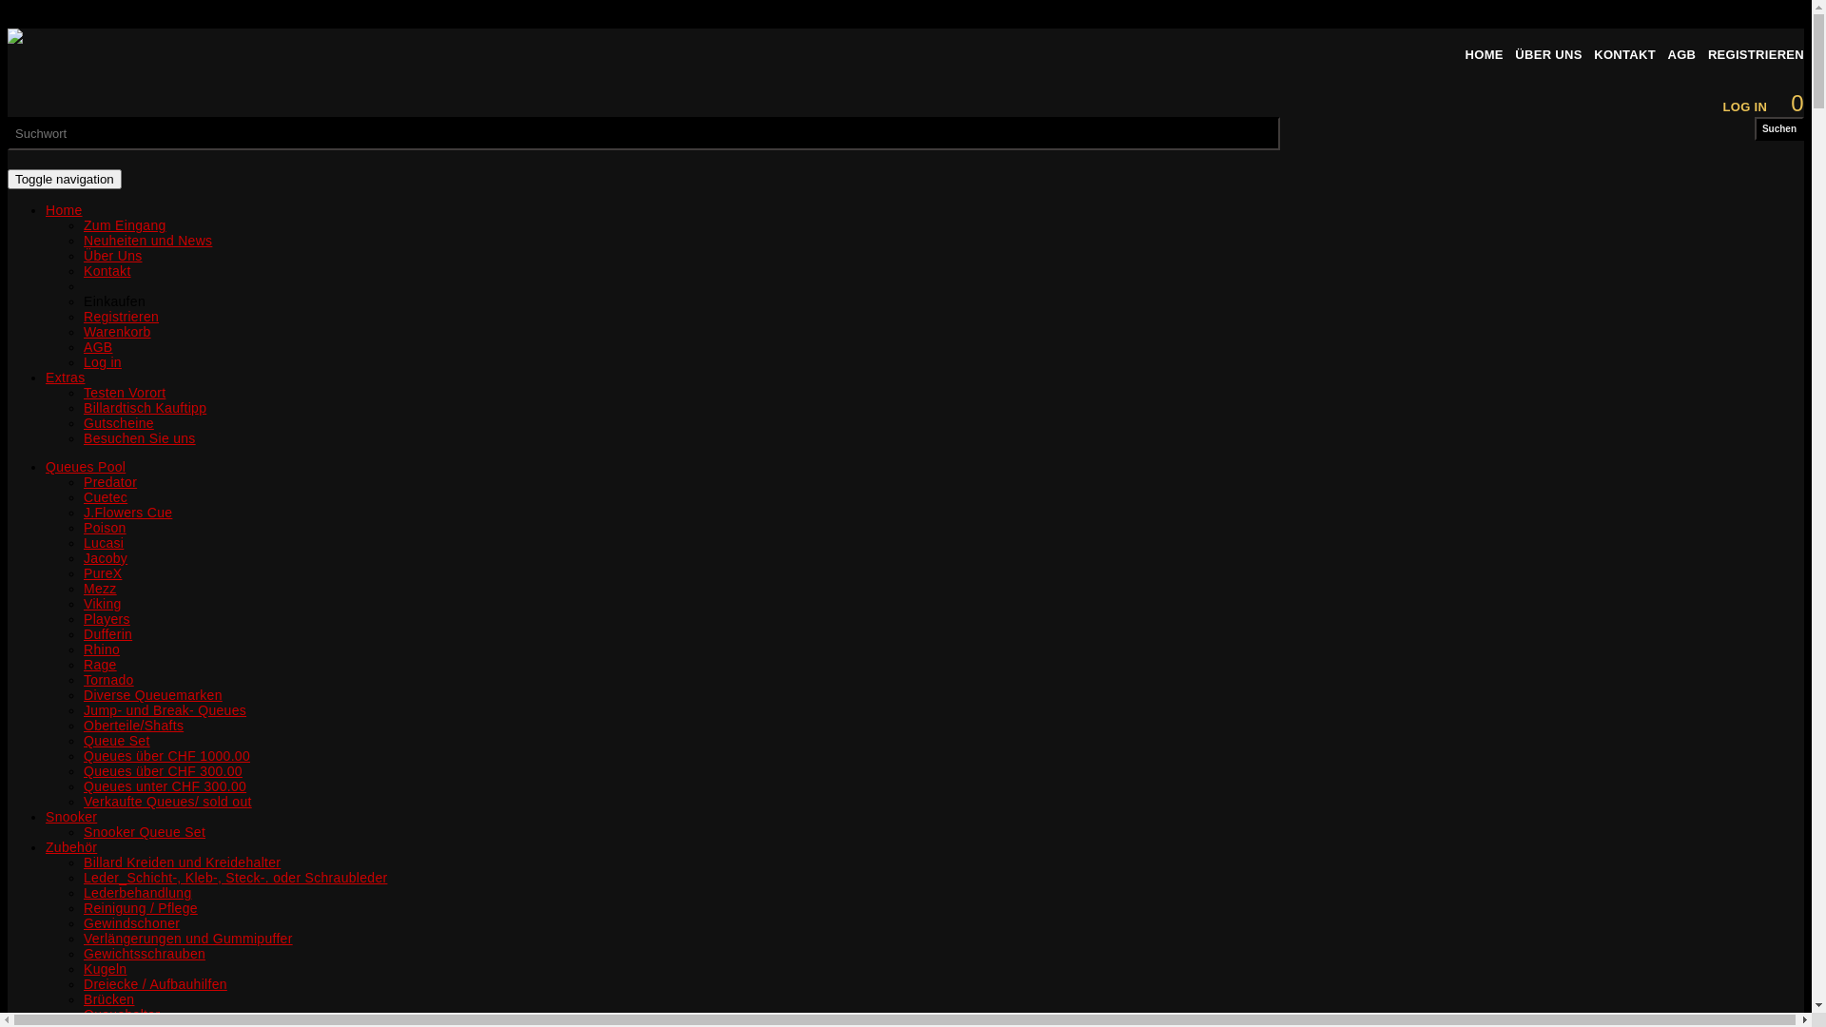 This screenshot has width=1826, height=1027. What do you see at coordinates (99, 587) in the screenshot?
I see `'Mezz'` at bounding box center [99, 587].